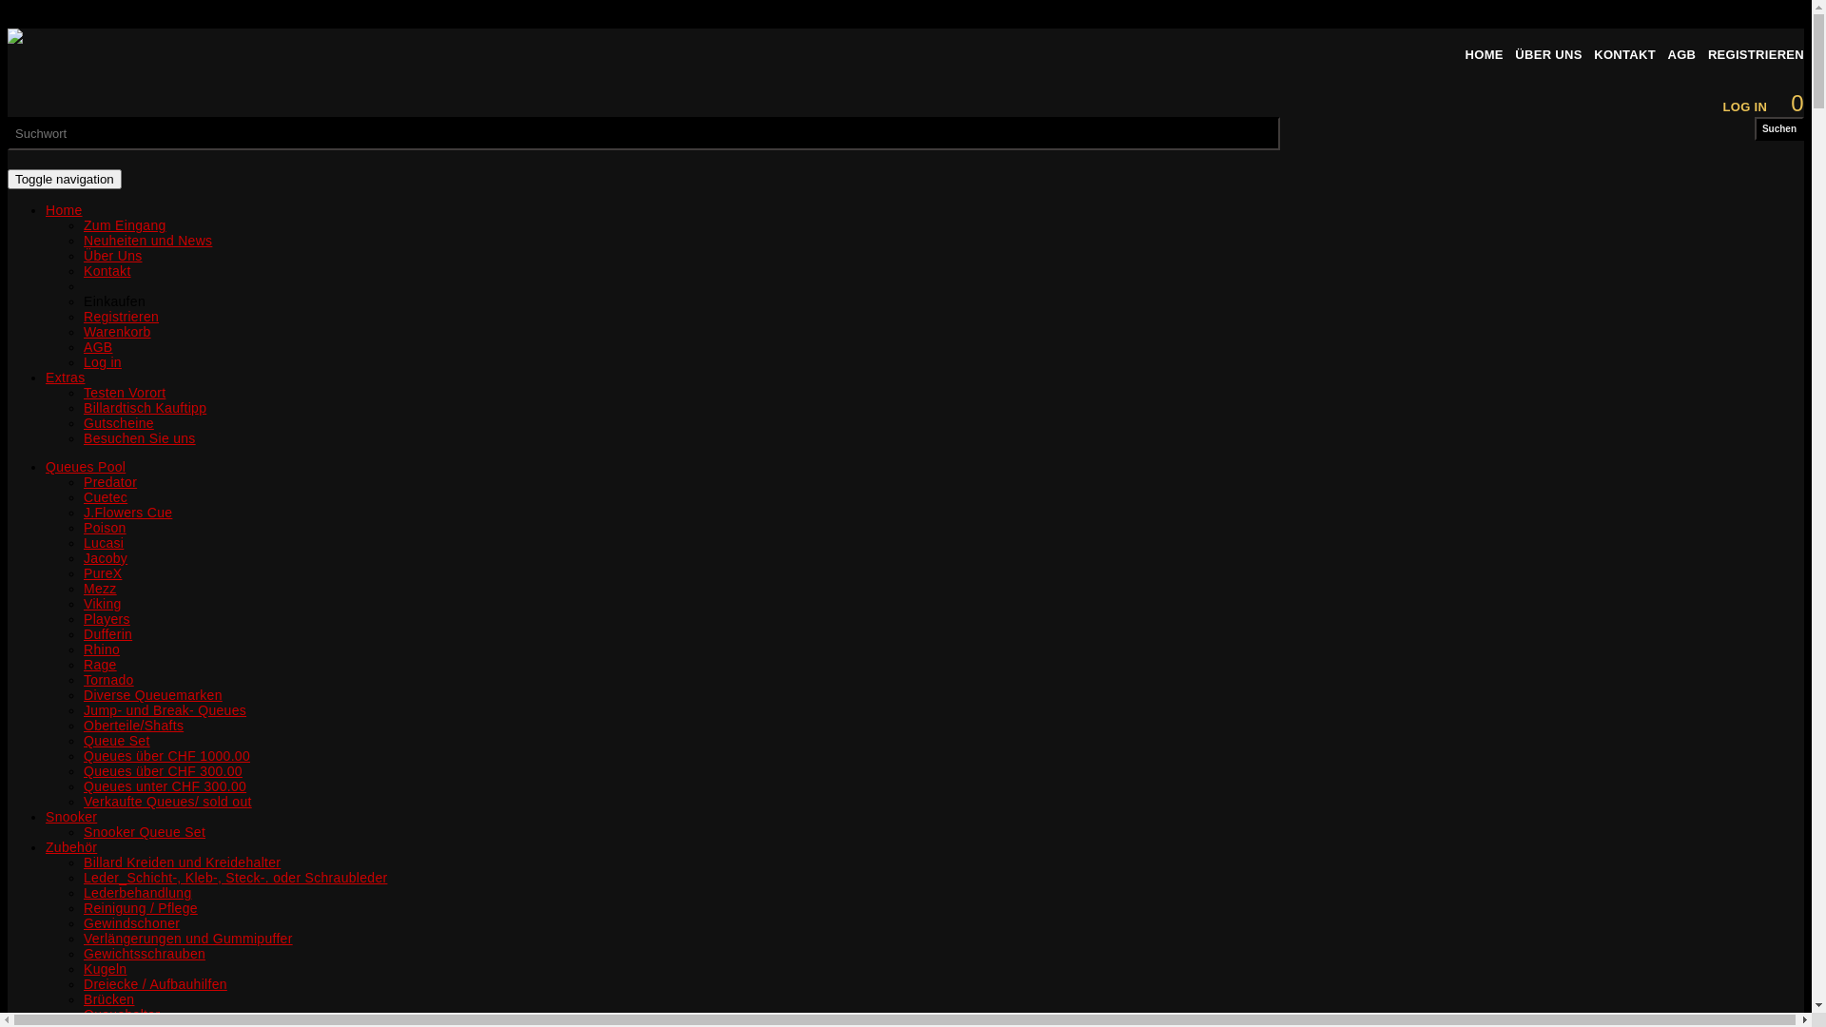 This screenshot has width=1826, height=1027. What do you see at coordinates (99, 587) in the screenshot?
I see `'Mezz'` at bounding box center [99, 587].